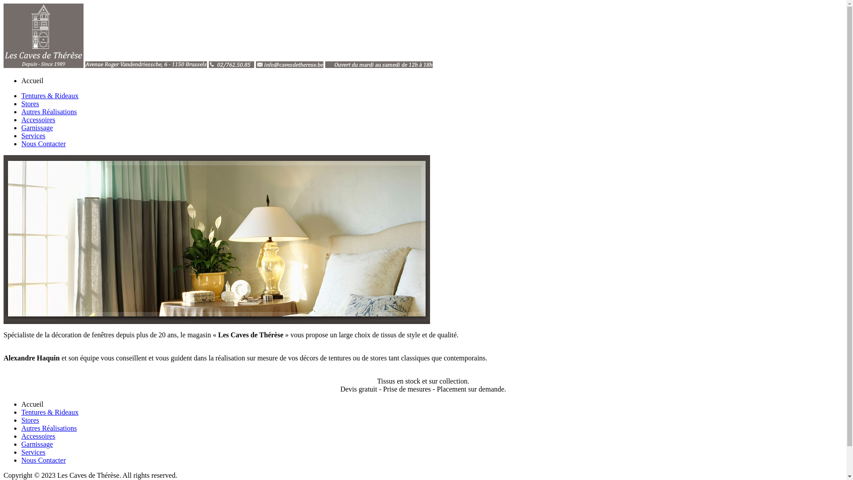  What do you see at coordinates (30, 103) in the screenshot?
I see `'Stores'` at bounding box center [30, 103].